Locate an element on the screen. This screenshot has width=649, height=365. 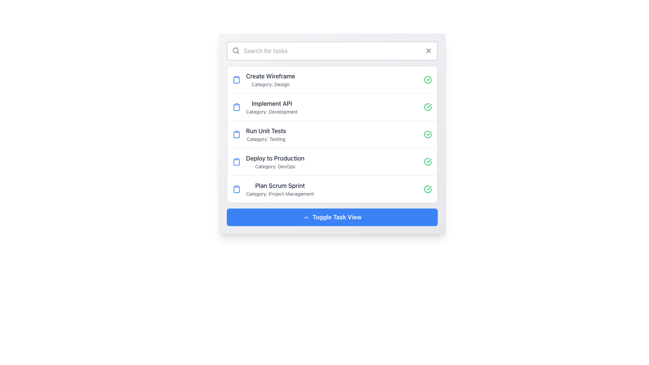
text displayed in the third task item of the task list panel, which is positioned between 'Implement API' and 'Deploy to Production' is located at coordinates (266, 134).